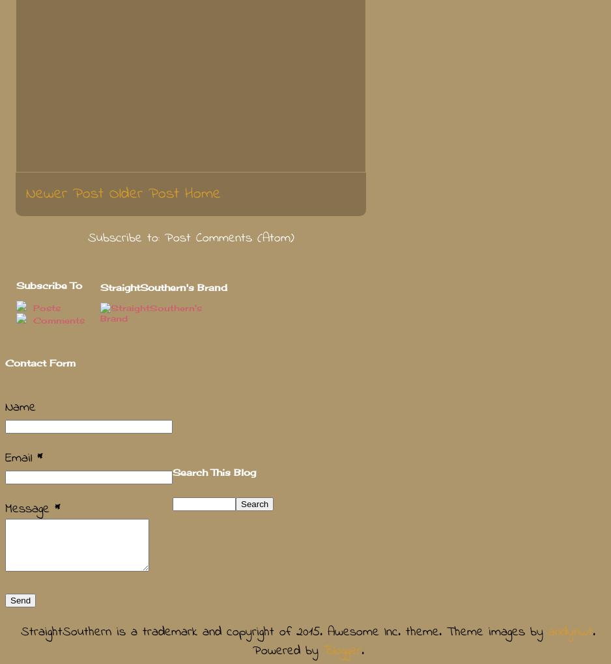 Image resolution: width=611 pixels, height=664 pixels. Describe the element at coordinates (49, 284) in the screenshot. I see `'Subscribe To'` at that location.